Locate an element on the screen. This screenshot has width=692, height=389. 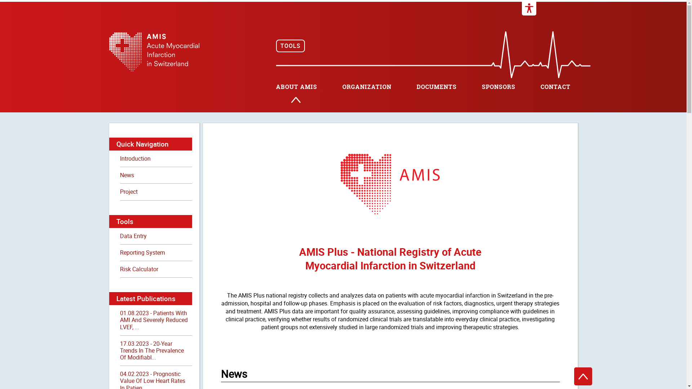
'Reporting System' is located at coordinates (155, 252).